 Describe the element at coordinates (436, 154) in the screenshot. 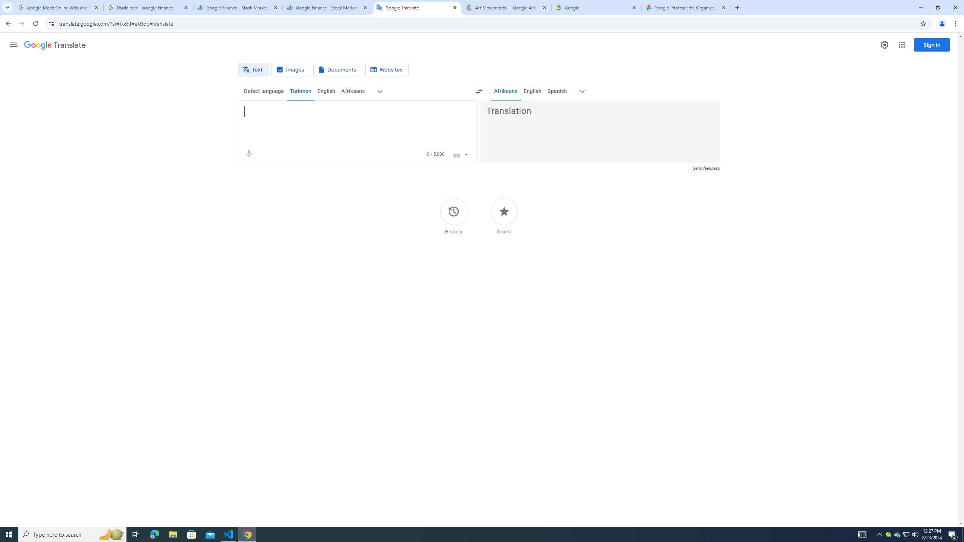

I see `'0 of 5,000 characters used'` at that location.